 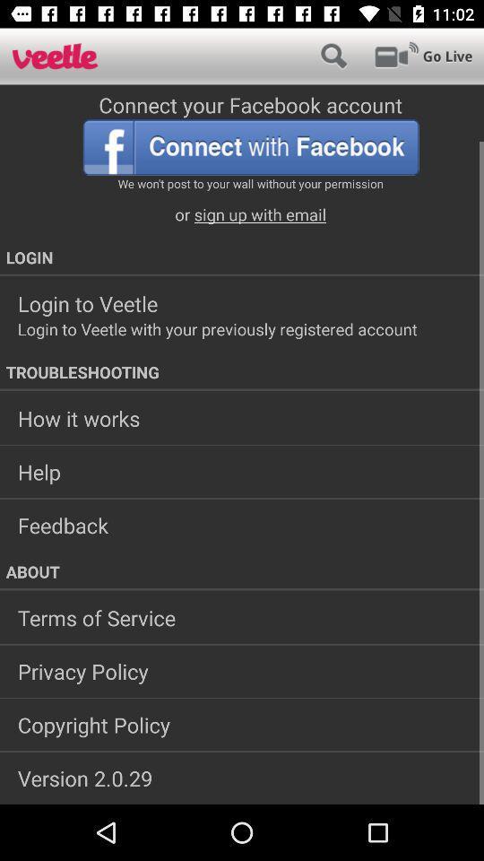 I want to click on the icon below the how it works item, so click(x=242, y=471).